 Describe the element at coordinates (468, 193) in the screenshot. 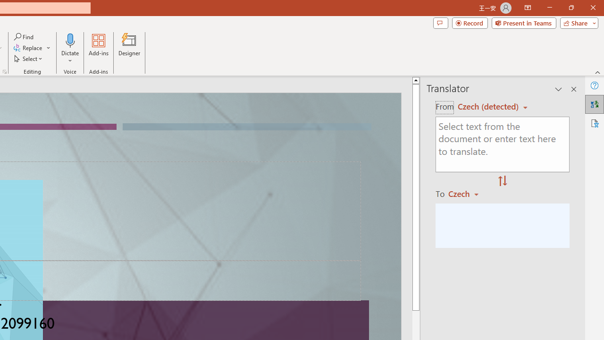

I see `'Czech'` at that location.